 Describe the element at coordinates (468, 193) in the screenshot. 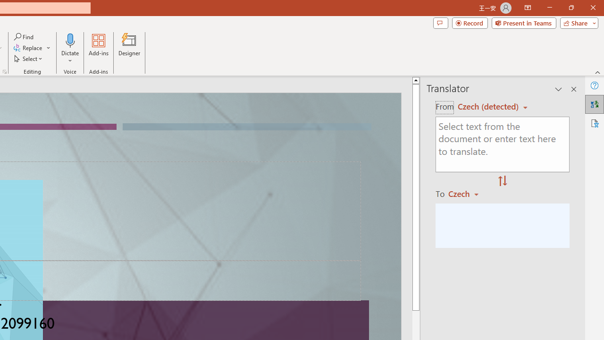

I see `'Czech'` at that location.